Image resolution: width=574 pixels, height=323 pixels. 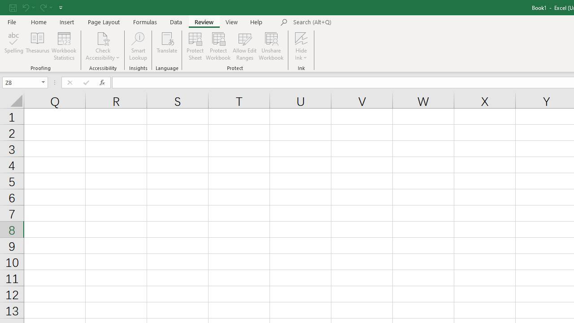 I want to click on 'View', so click(x=232, y=22).